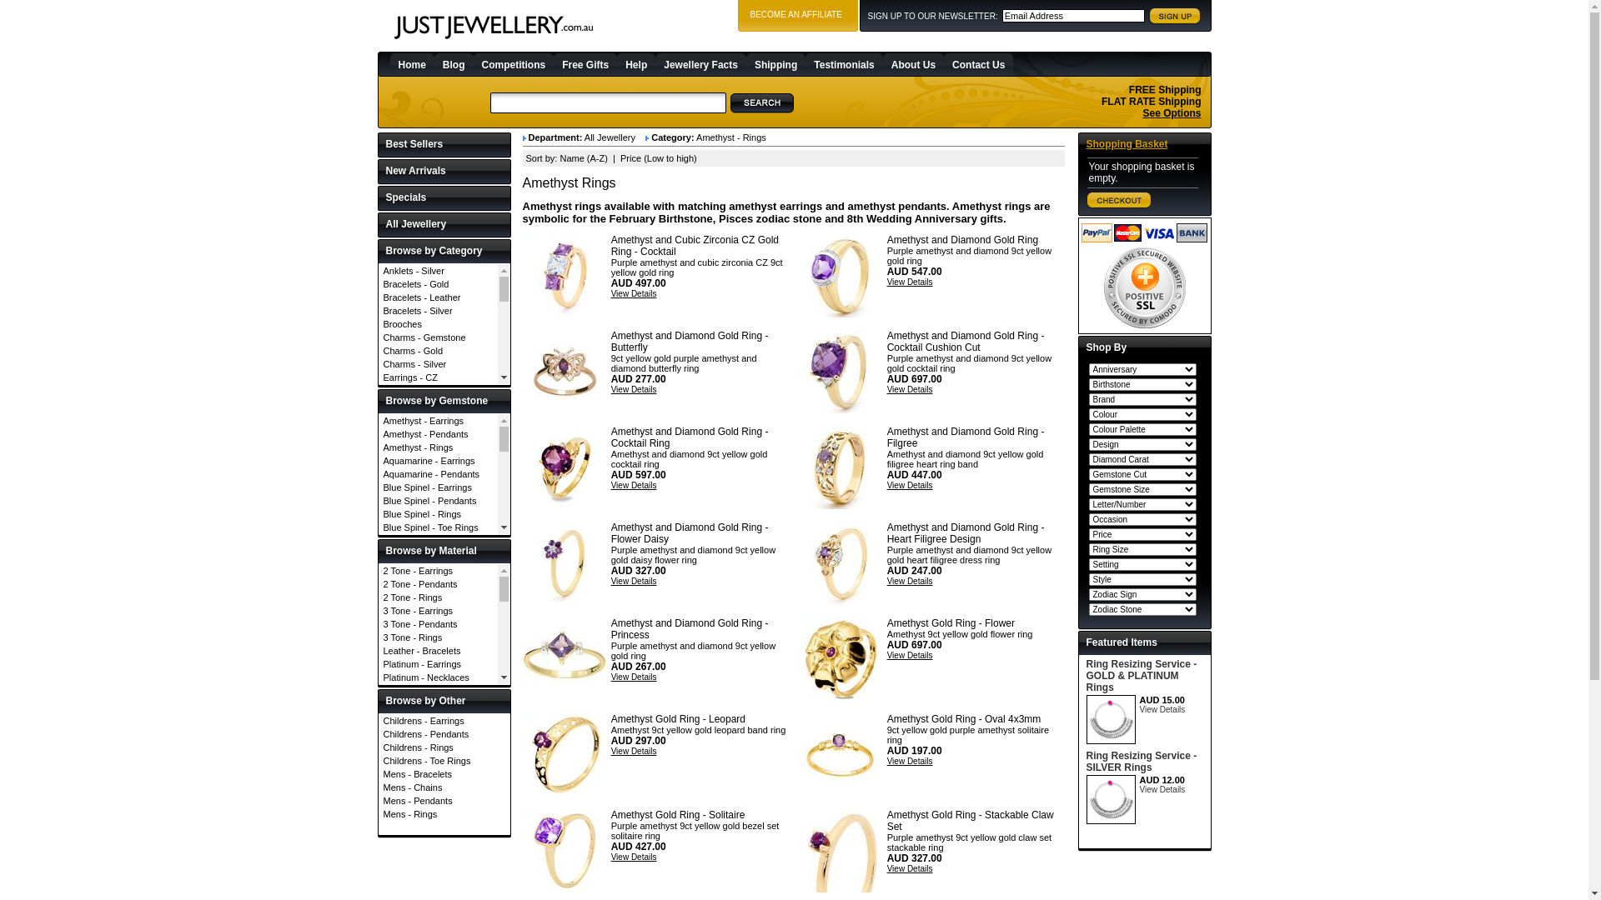 Image resolution: width=1601 pixels, height=900 pixels. What do you see at coordinates (438, 567) in the screenshot?
I see `'Blue Topaz - Pendants'` at bounding box center [438, 567].